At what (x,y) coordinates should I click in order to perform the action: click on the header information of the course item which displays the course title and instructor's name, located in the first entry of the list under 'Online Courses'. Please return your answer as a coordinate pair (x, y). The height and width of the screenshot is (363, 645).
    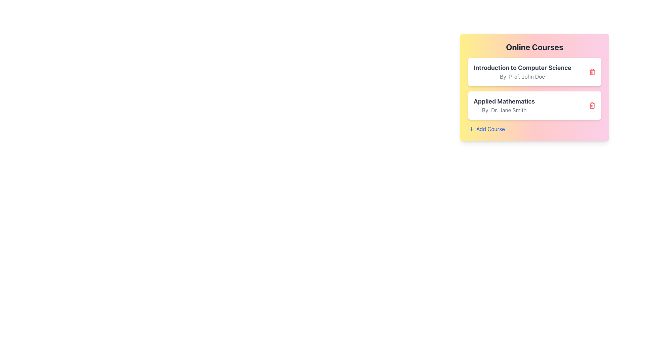
    Looking at the image, I should click on (522, 72).